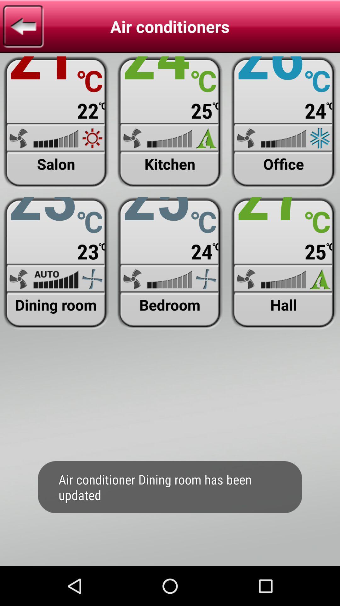 Image resolution: width=340 pixels, height=606 pixels. I want to click on previous, so click(23, 26).